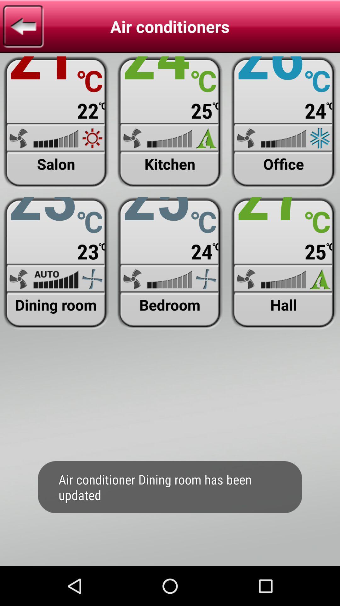 Image resolution: width=340 pixels, height=606 pixels. I want to click on previous, so click(23, 26).